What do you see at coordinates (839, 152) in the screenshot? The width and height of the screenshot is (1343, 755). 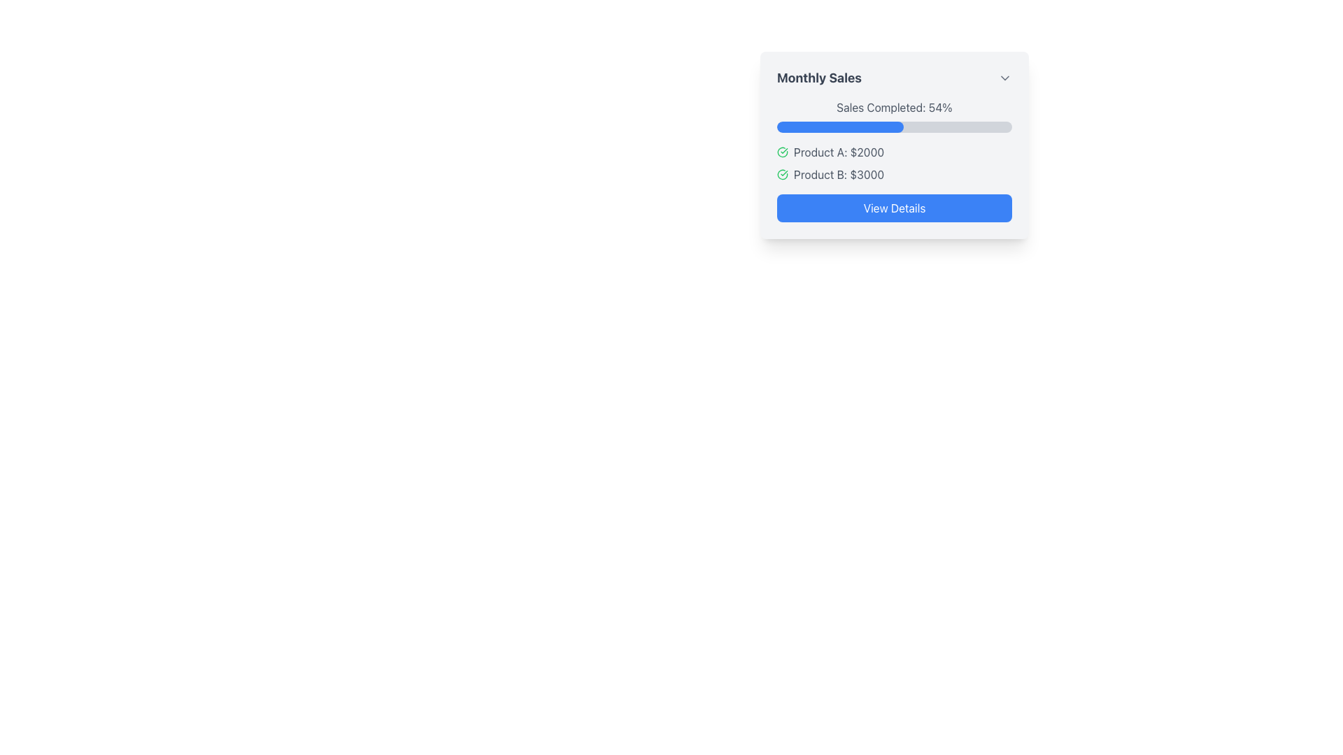 I see `the text label displaying 'Product A: $2000' located in the second row of the product list under the 'Monthly Sales' section, positioned to the right of a green check icon` at bounding box center [839, 152].